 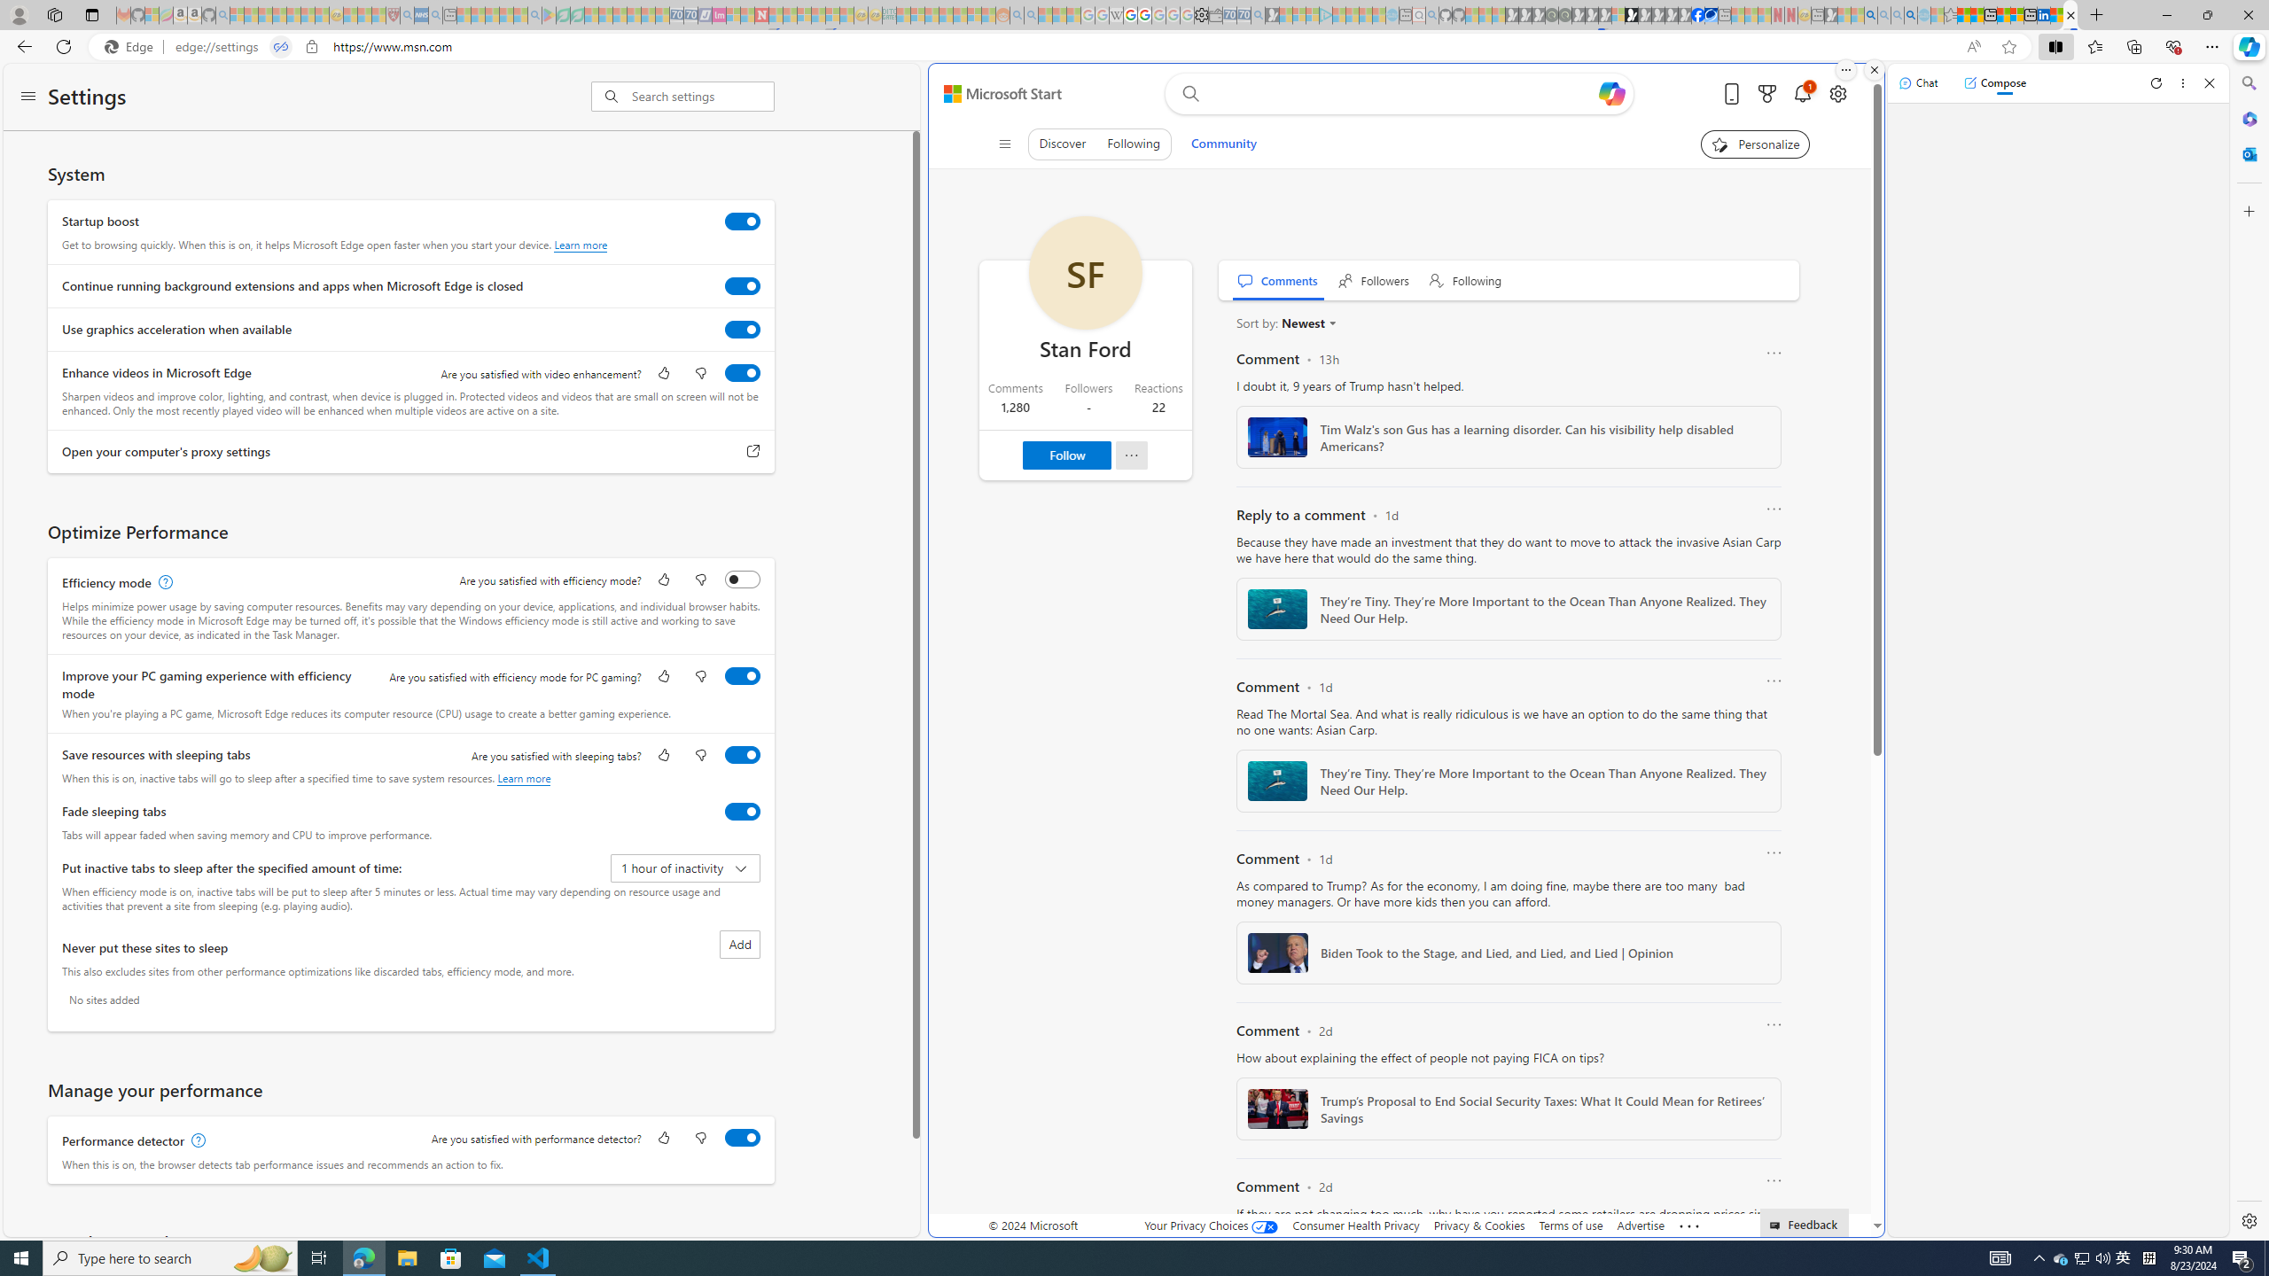 What do you see at coordinates (1373, 279) in the screenshot?
I see `' Followers'` at bounding box center [1373, 279].